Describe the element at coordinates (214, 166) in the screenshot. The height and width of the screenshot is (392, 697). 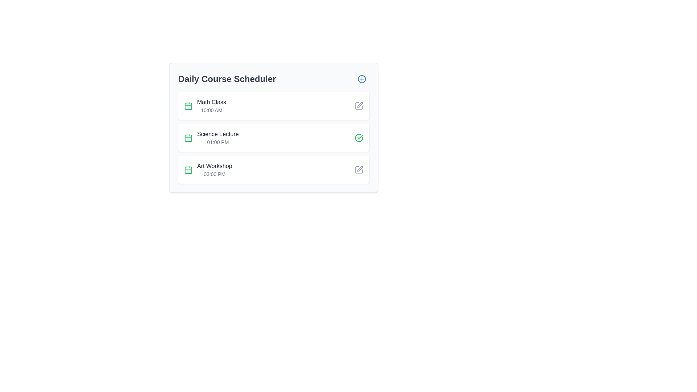
I see `the 'Art Workshop' text label for accessibility purposes` at that location.